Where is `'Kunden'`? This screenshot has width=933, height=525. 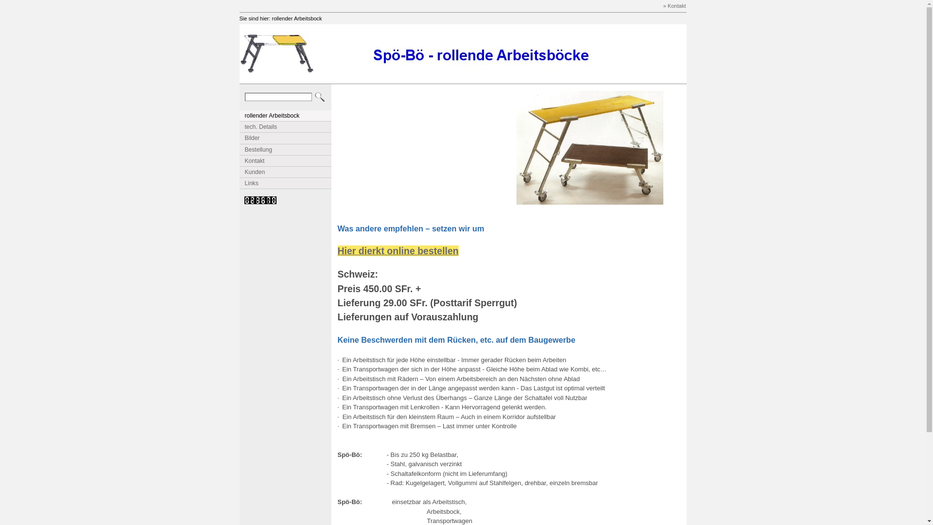
'Kunden' is located at coordinates (285, 172).